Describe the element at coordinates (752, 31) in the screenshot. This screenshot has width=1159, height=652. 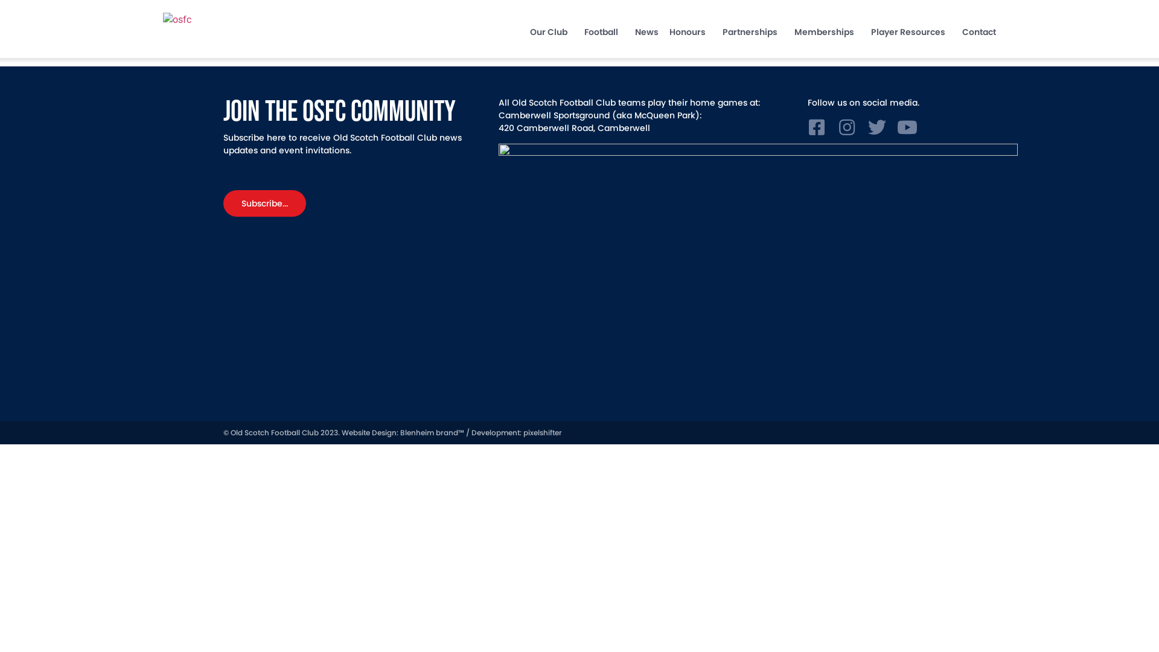
I see `'Partnerships'` at that location.